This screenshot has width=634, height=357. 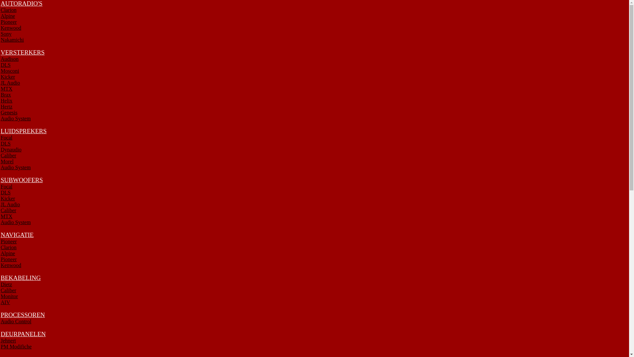 I want to click on 'Clarion', so click(x=8, y=247).